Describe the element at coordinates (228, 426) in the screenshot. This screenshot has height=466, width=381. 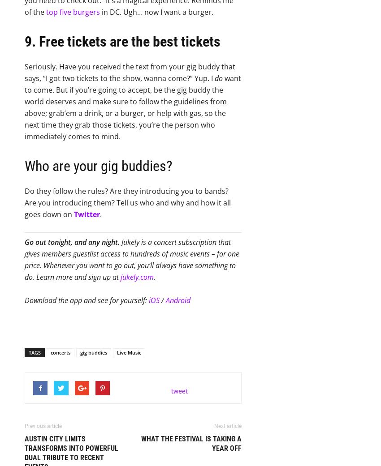
I see `'Next article'` at that location.